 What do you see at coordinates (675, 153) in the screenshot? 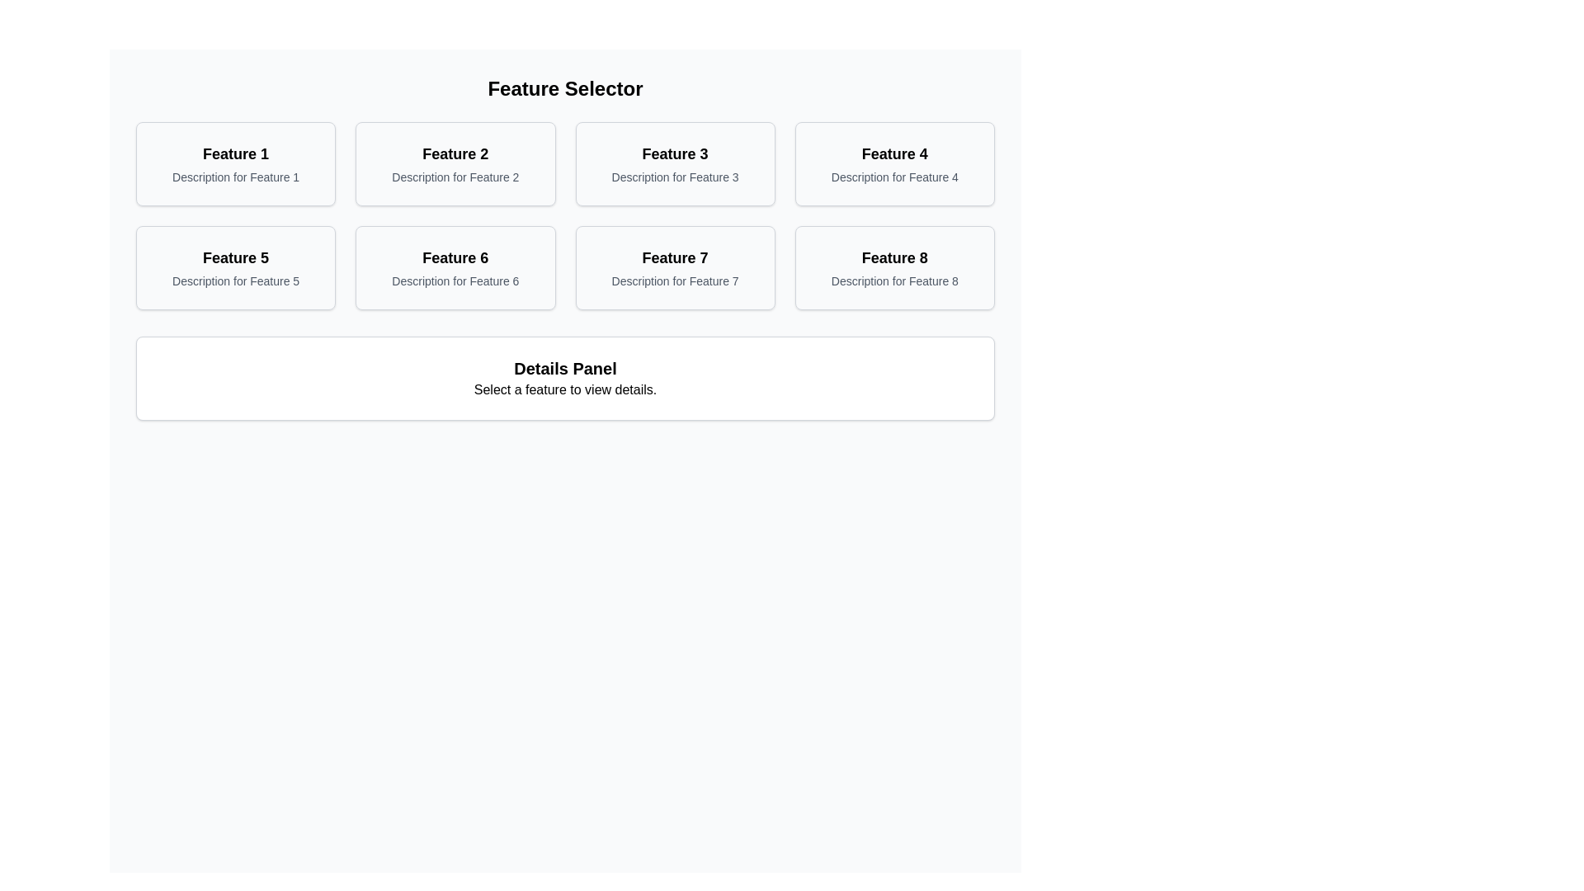
I see `the bold text label 'Feature 3', which serves as the title within the box labeled 'Feature 3 Description for Feature 3', located in the top row, third column of the grid` at bounding box center [675, 153].